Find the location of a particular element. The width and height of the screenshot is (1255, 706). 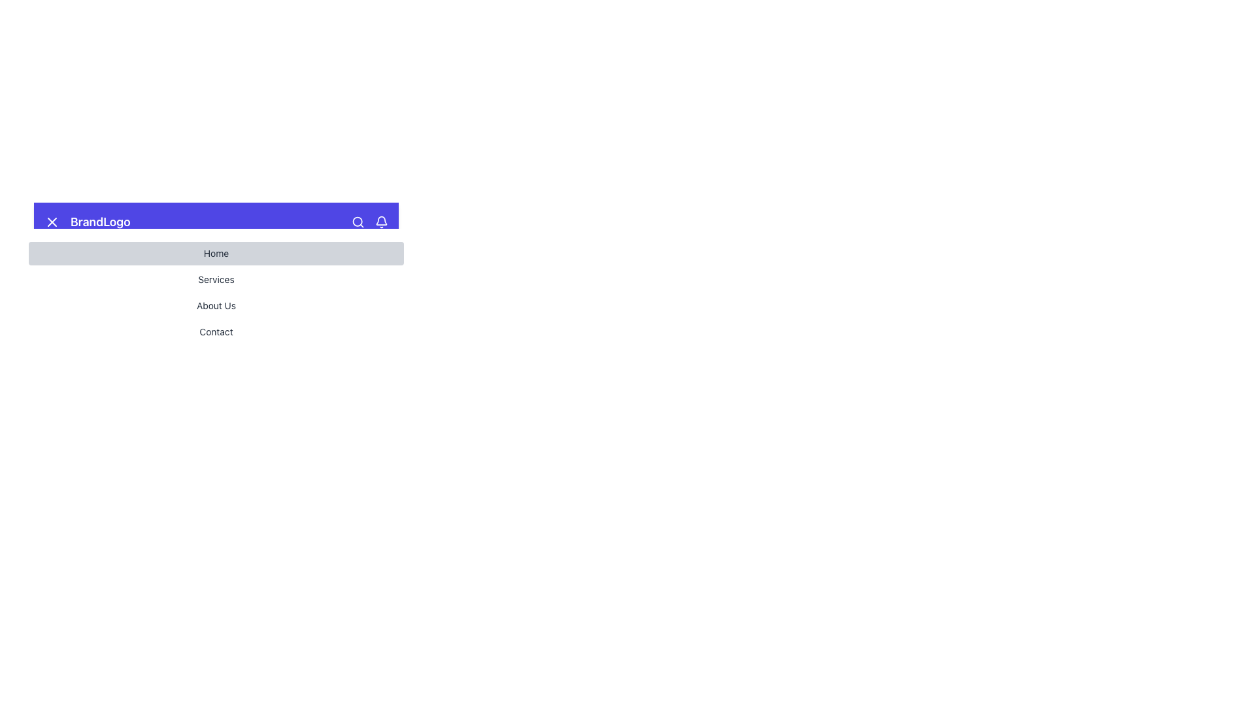

the graphical circle that is part of the magnifying glass icon, located in the top-right corner near the notification bell is located at coordinates (358, 221).